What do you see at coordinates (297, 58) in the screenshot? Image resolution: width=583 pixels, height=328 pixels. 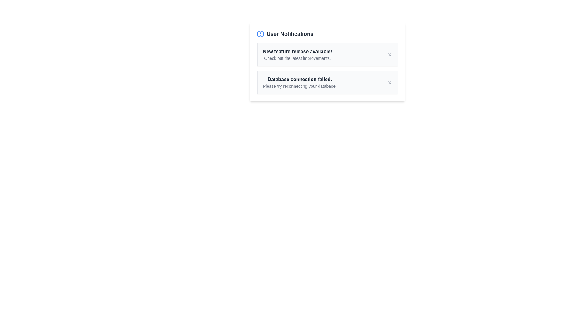 I see `the supplementary description text in the notification box that follows the headline 'New feature release available!' under 'User Notifications'` at bounding box center [297, 58].